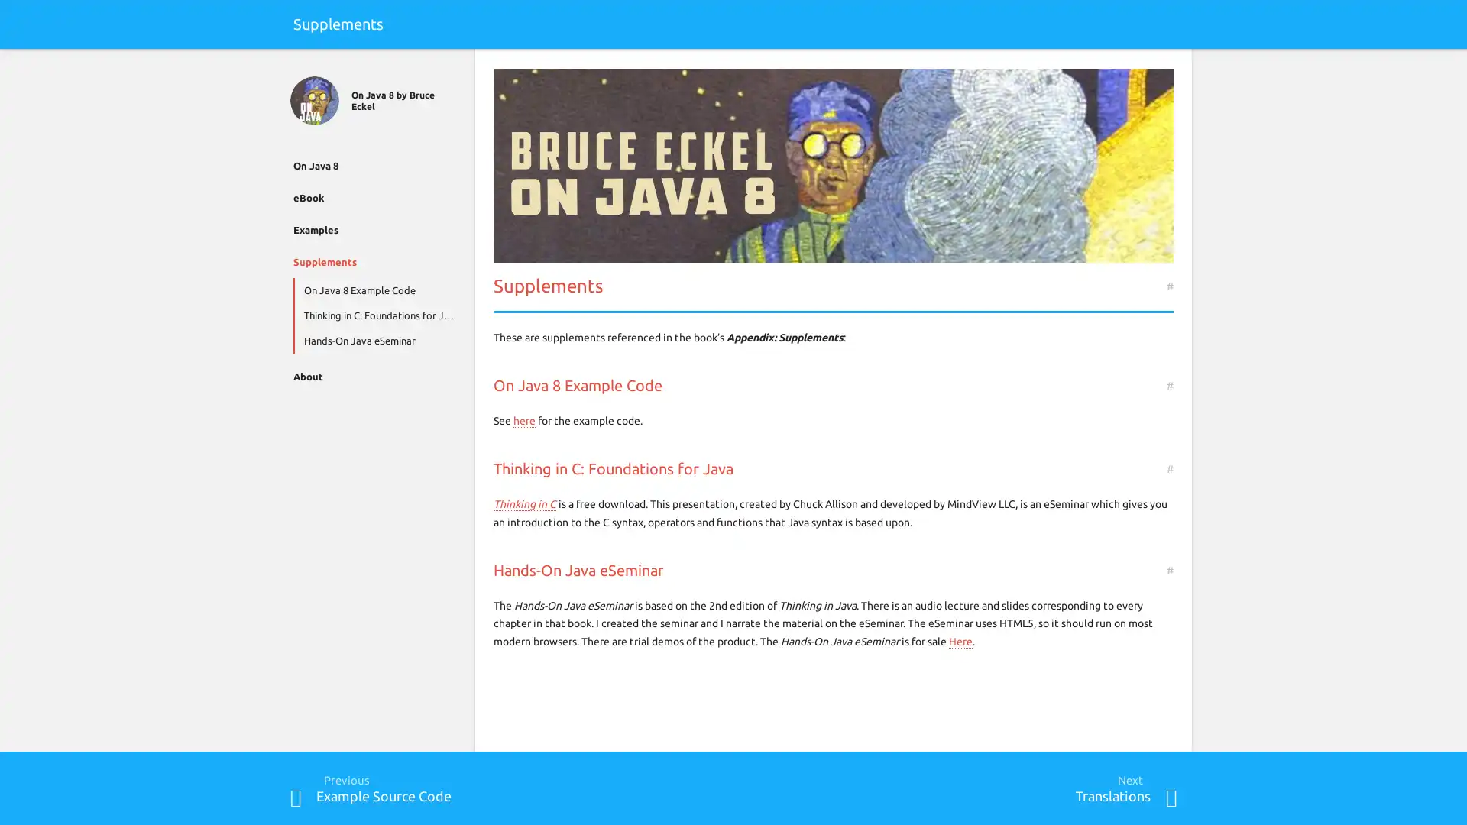  Describe the element at coordinates (1170, 797) in the screenshot. I see `Next` at that location.